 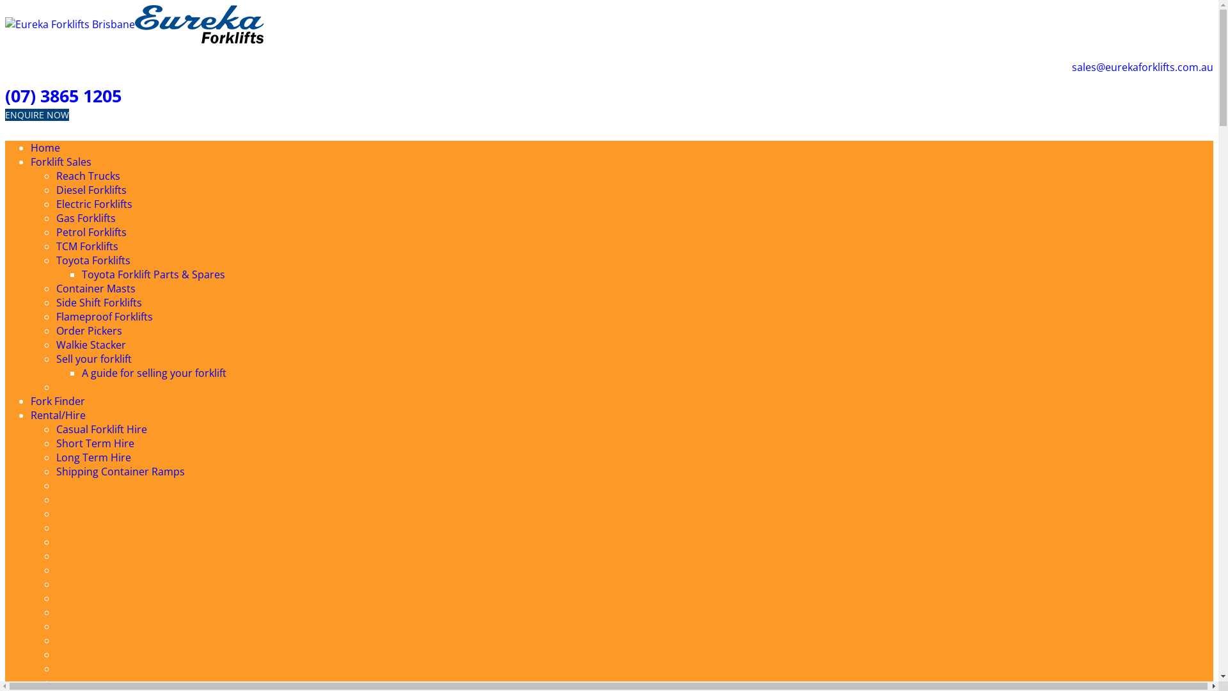 I want to click on 'Home', so click(x=45, y=147).